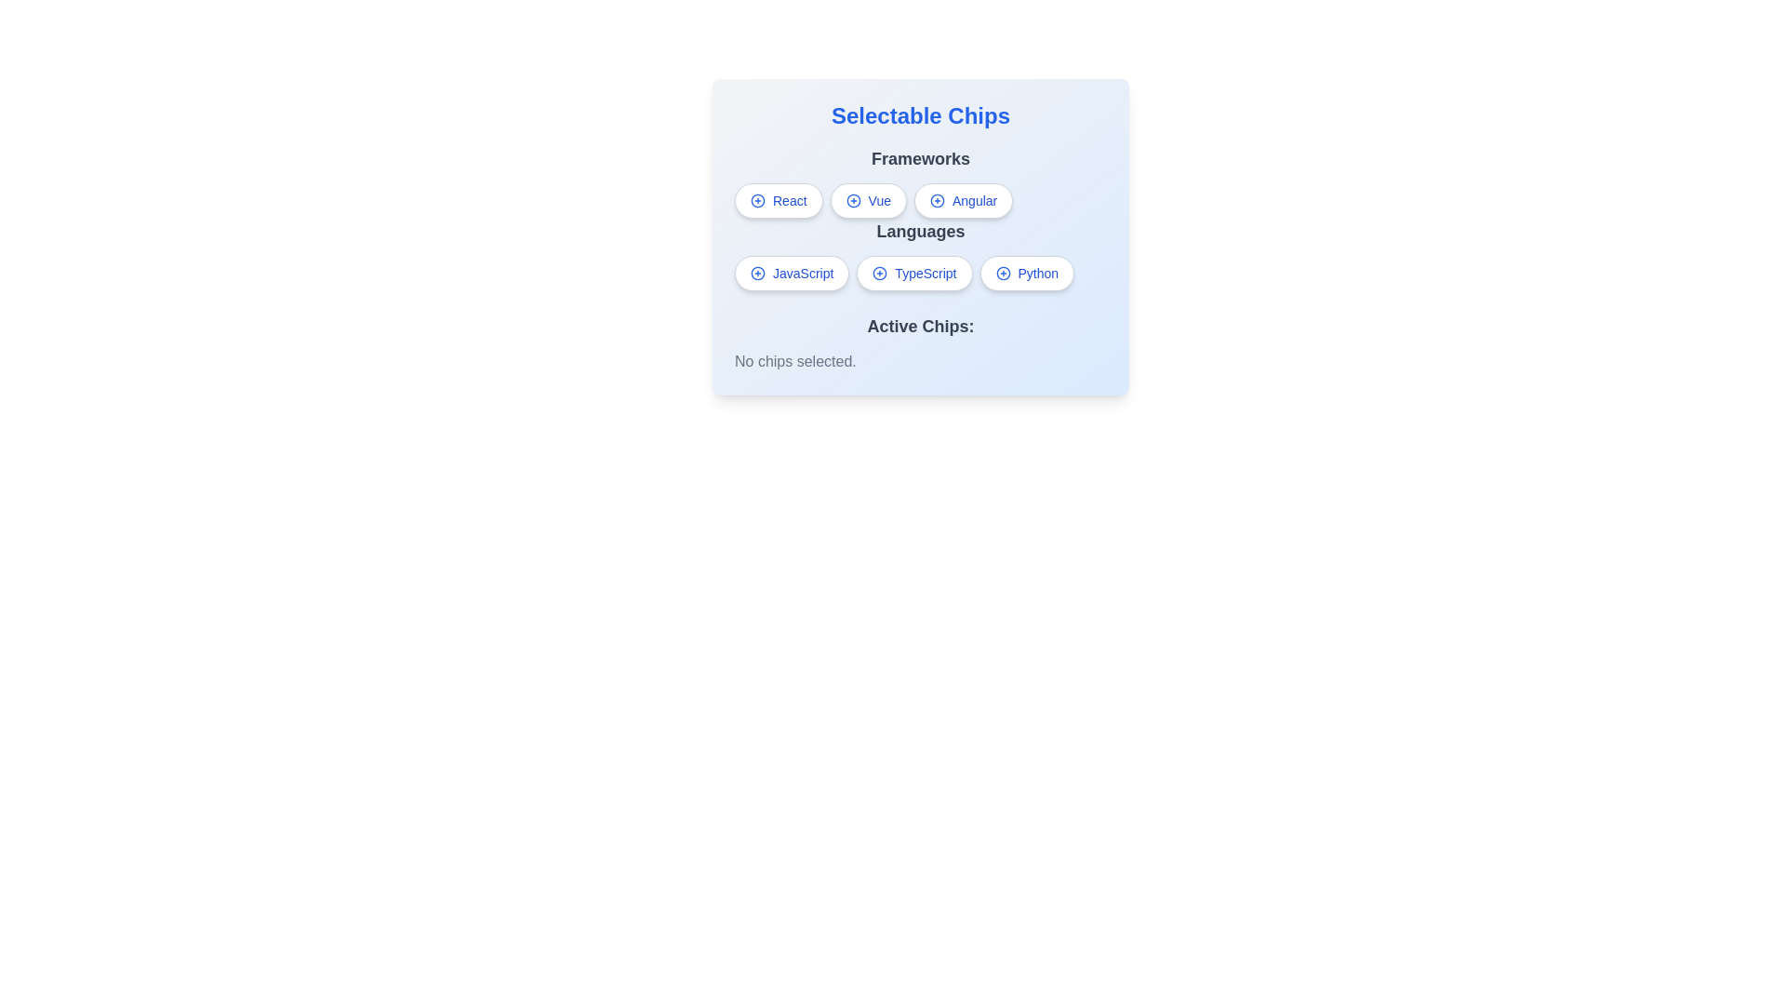 This screenshot has width=1786, height=1005. What do you see at coordinates (938, 201) in the screenshot?
I see `the button-like clickable icon located at the bottom-middle of the 'Angular' chip in the 'Frameworks' section` at bounding box center [938, 201].